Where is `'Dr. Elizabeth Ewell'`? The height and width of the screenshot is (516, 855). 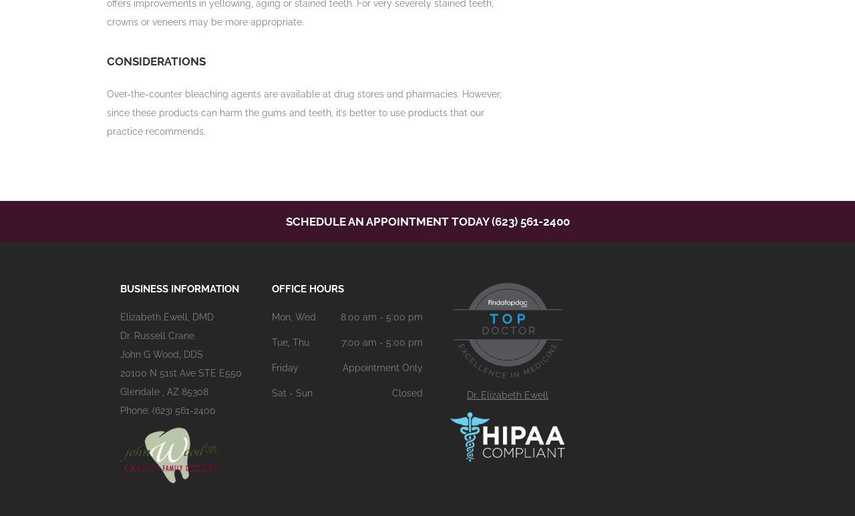
'Dr. Elizabeth Ewell' is located at coordinates (507, 395).